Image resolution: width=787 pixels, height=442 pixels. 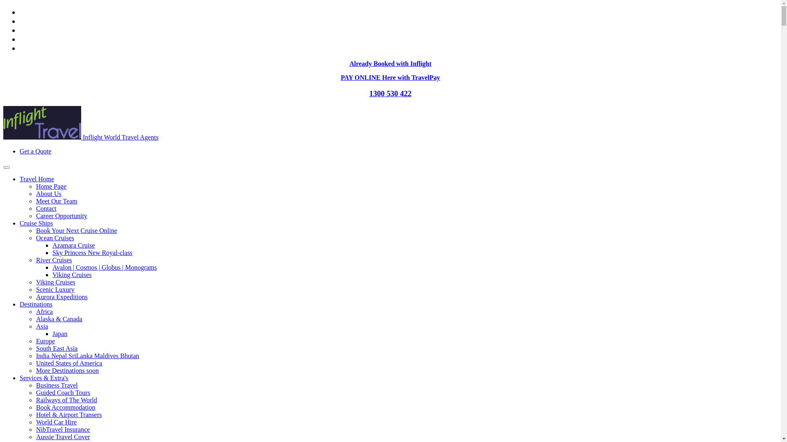 What do you see at coordinates (35, 341) in the screenshot?
I see `'Europe'` at bounding box center [35, 341].